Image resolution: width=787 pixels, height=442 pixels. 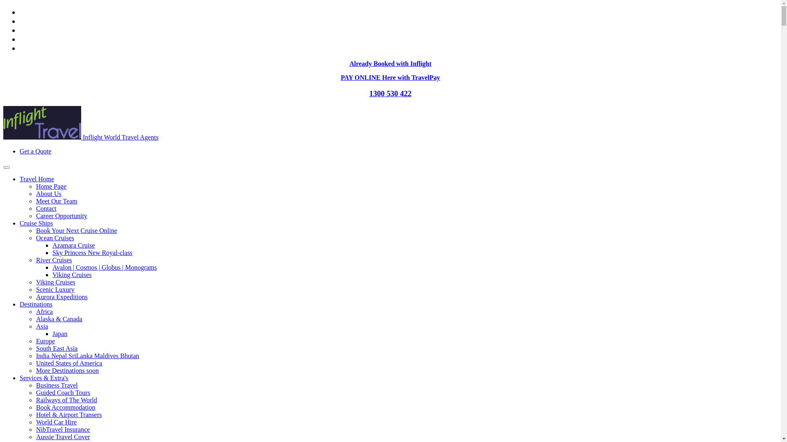 What do you see at coordinates (35, 341) in the screenshot?
I see `'Europe'` at bounding box center [35, 341].